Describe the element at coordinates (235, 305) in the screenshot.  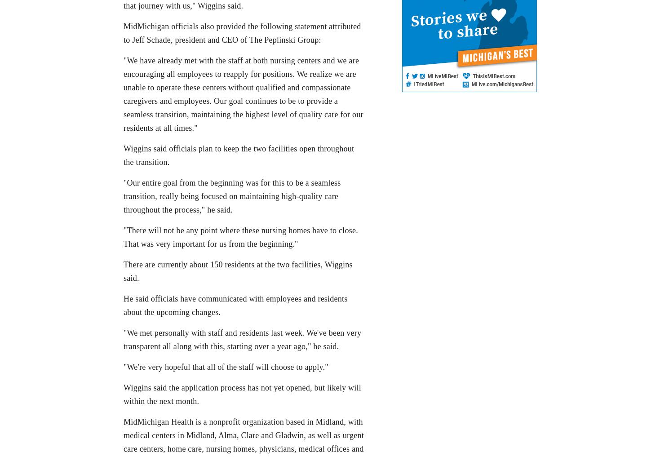
I see `'He said officials have communicated with employees and residents about the upcoming changes.'` at that location.